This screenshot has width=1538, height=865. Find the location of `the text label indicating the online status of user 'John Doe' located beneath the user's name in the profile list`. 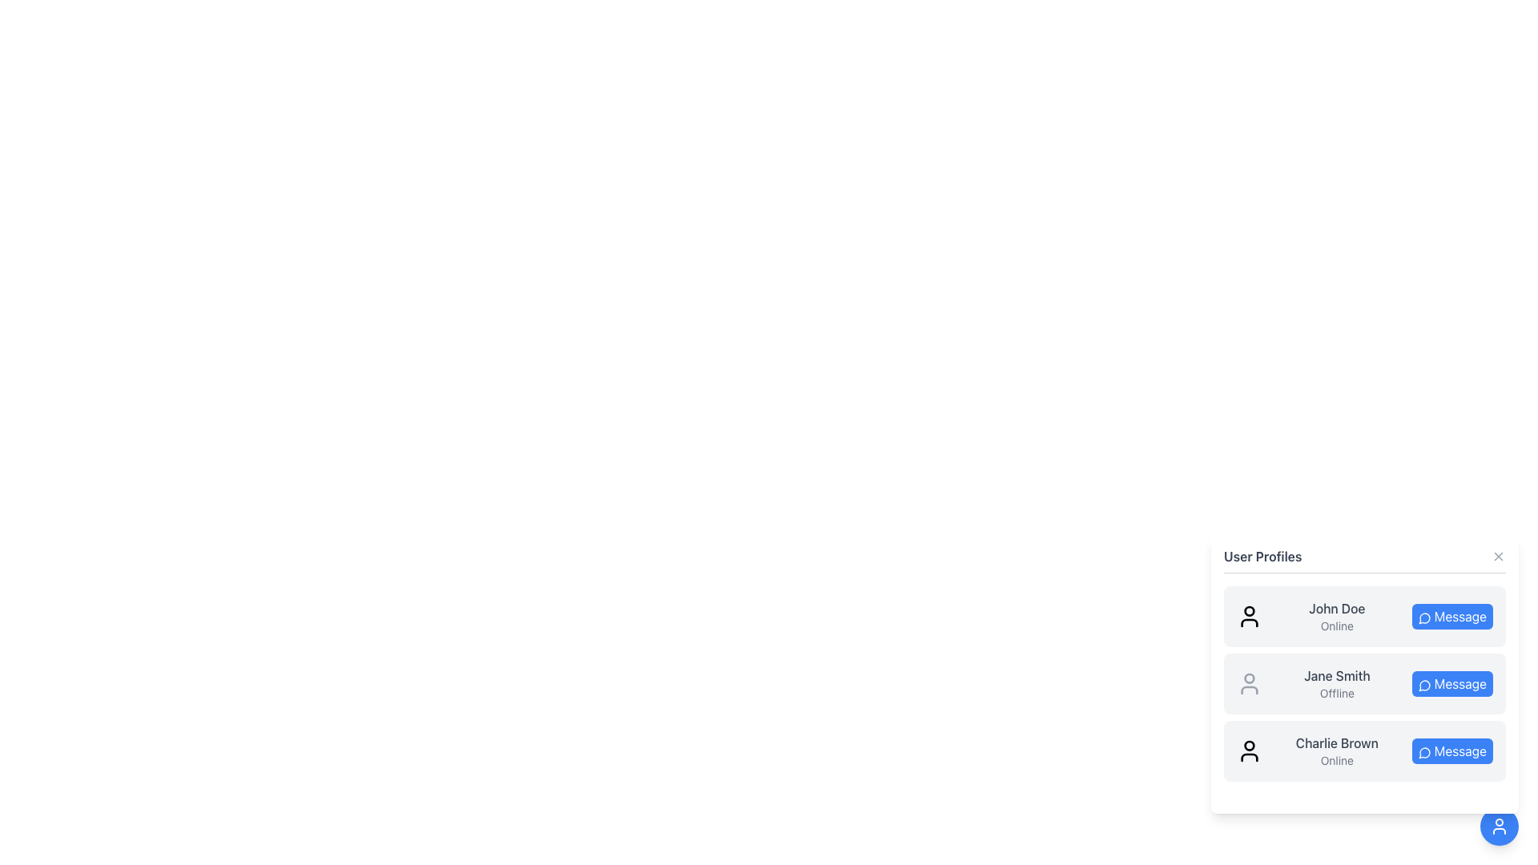

the text label indicating the online status of user 'John Doe' located beneath the user's name in the profile list is located at coordinates (1337, 626).